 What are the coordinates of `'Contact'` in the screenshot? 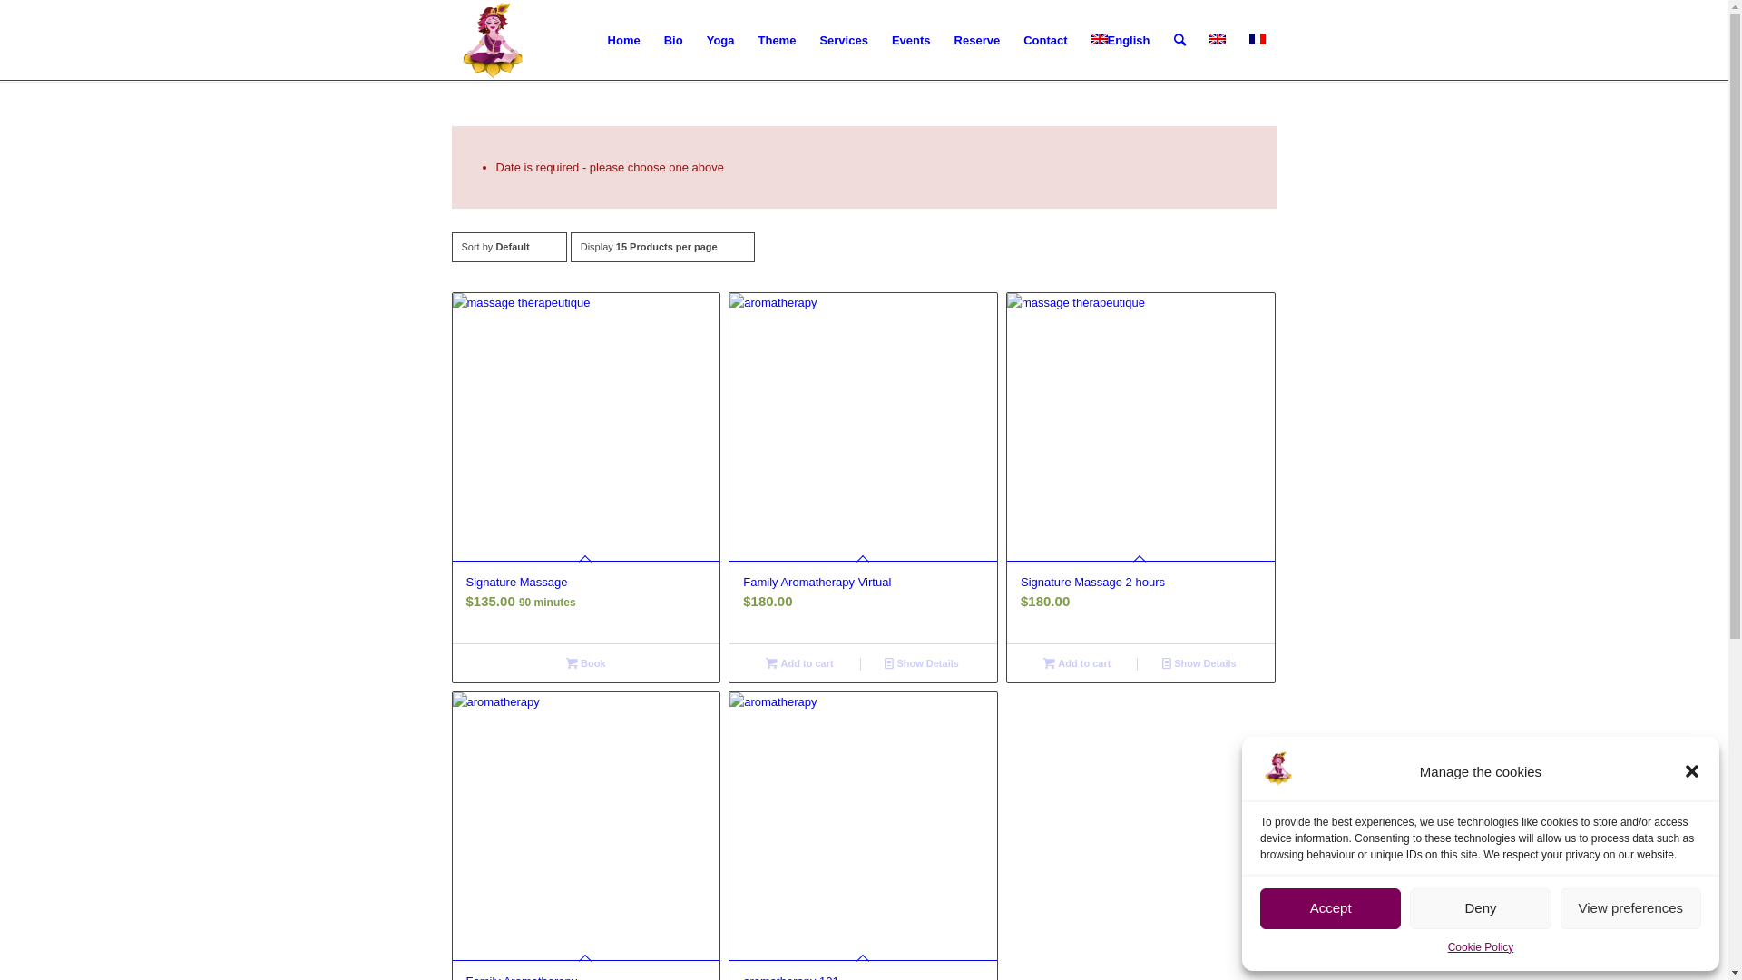 It's located at (1045, 41).